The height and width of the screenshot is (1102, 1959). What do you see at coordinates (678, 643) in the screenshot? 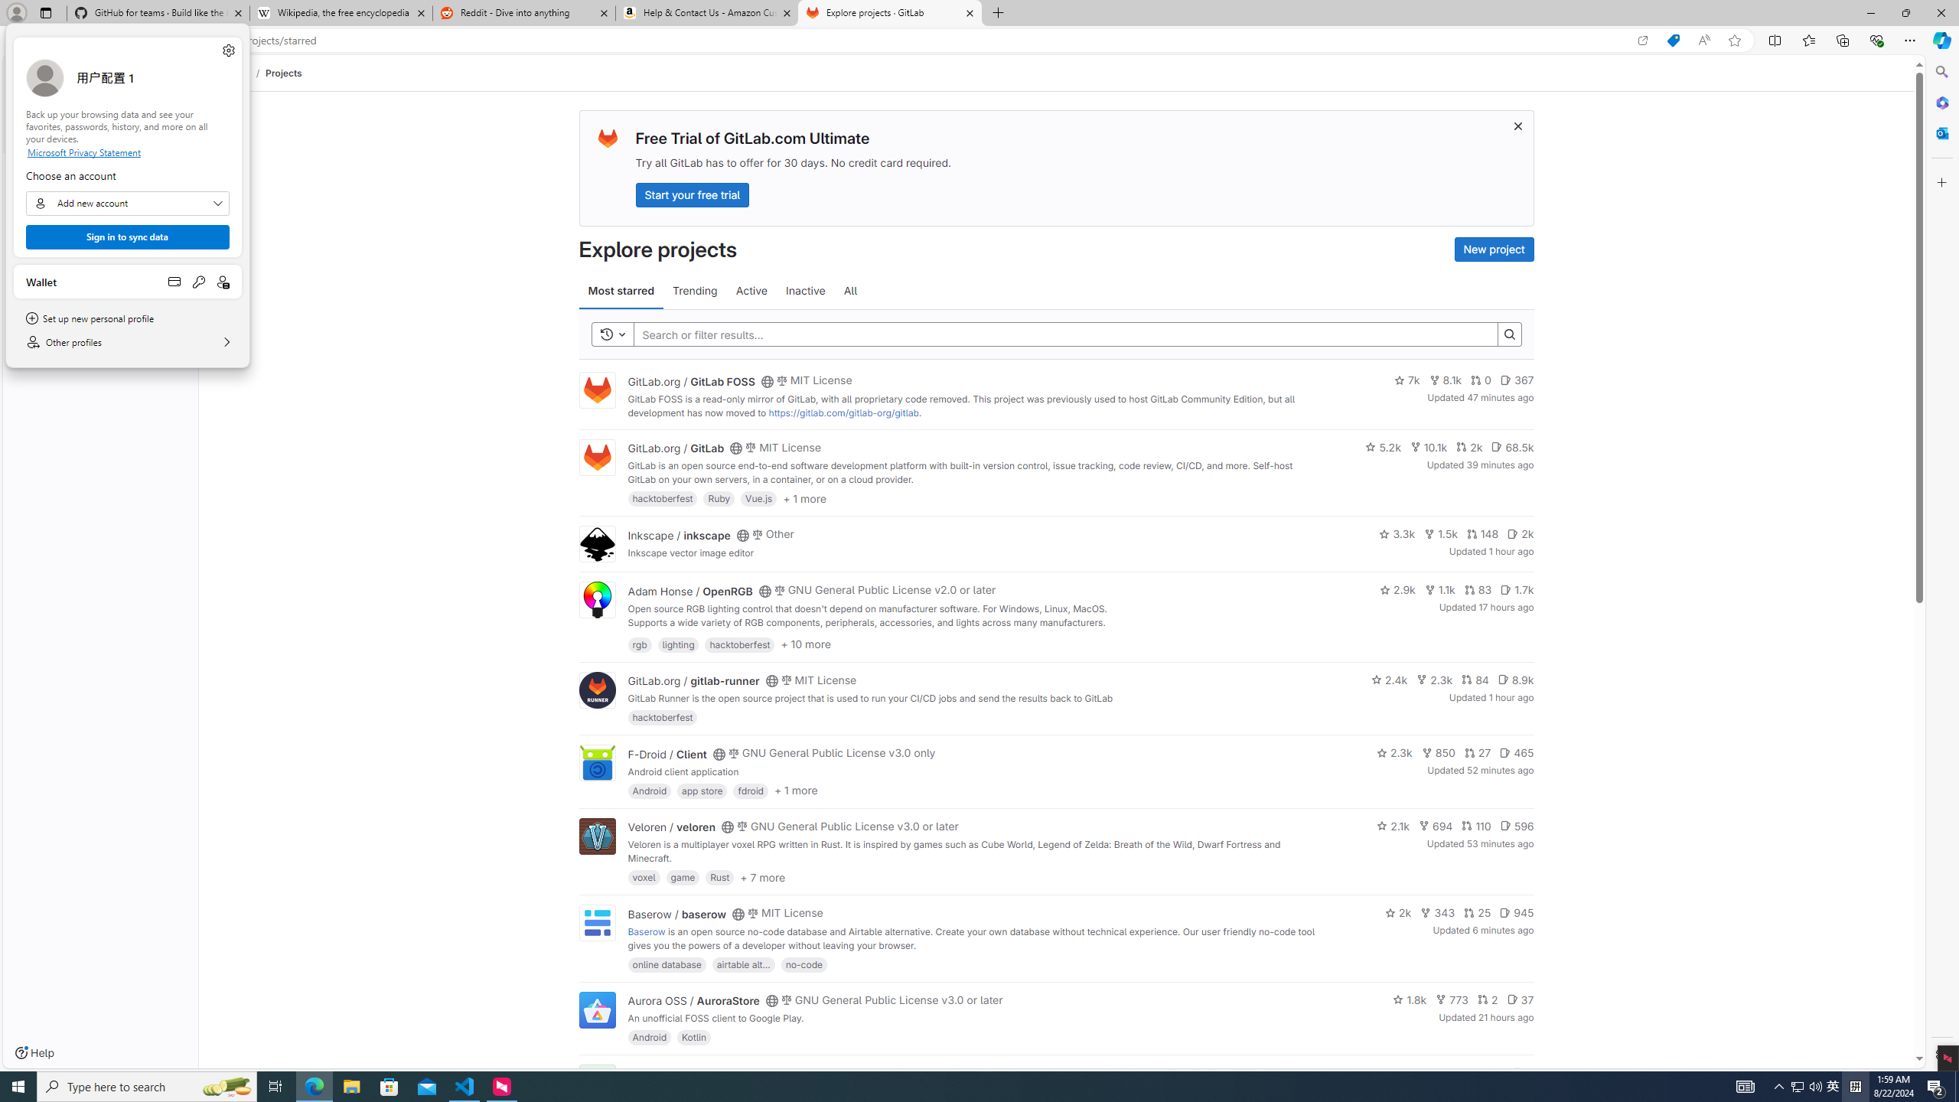
I see `'lighting'` at bounding box center [678, 643].